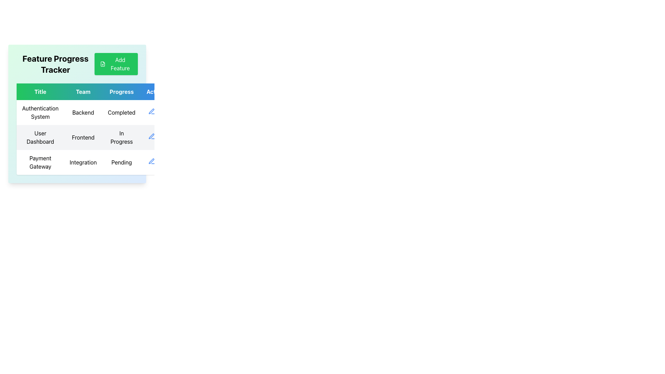 This screenshot has width=665, height=374. What do you see at coordinates (151, 136) in the screenshot?
I see `the action trigger icon for the 'User Dashboard' row in the rightmost column under the 'Action' header` at bounding box center [151, 136].